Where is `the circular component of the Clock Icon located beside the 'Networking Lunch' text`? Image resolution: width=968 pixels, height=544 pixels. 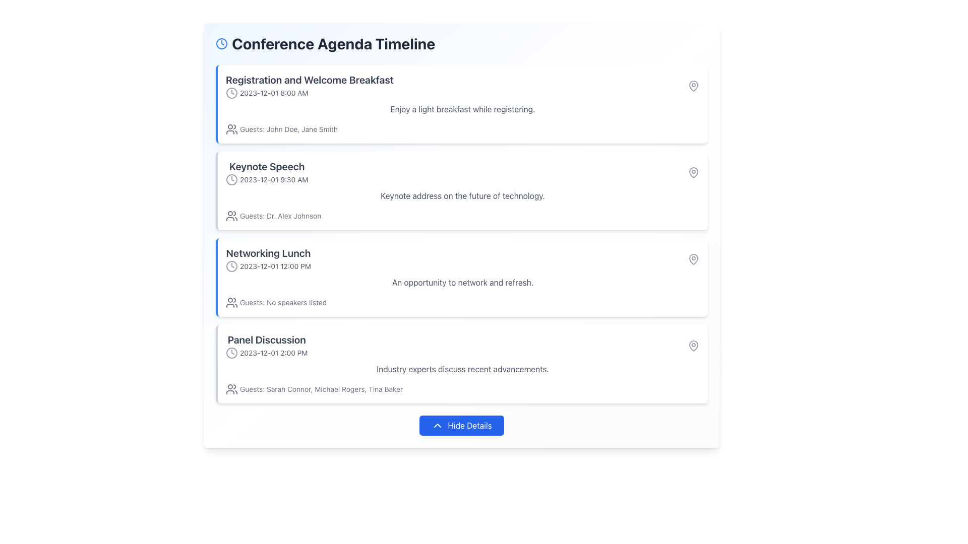 the circular component of the Clock Icon located beside the 'Networking Lunch' text is located at coordinates (231, 265).